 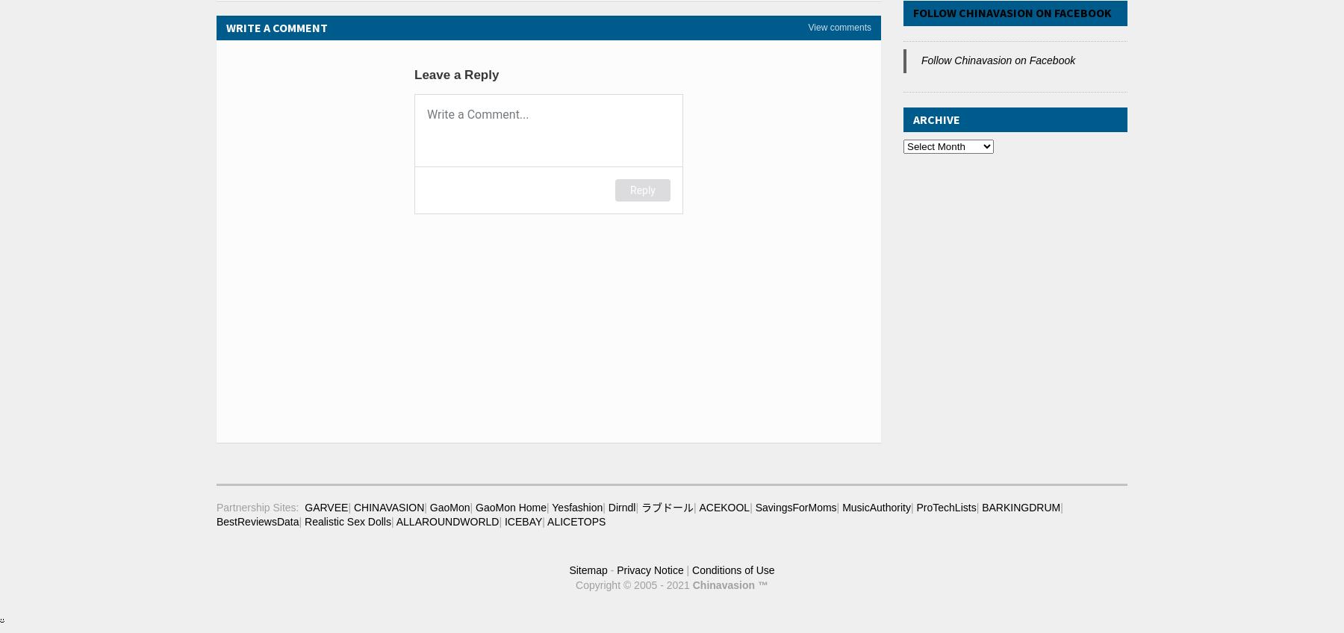 What do you see at coordinates (946, 505) in the screenshot?
I see `'ProTechLists'` at bounding box center [946, 505].